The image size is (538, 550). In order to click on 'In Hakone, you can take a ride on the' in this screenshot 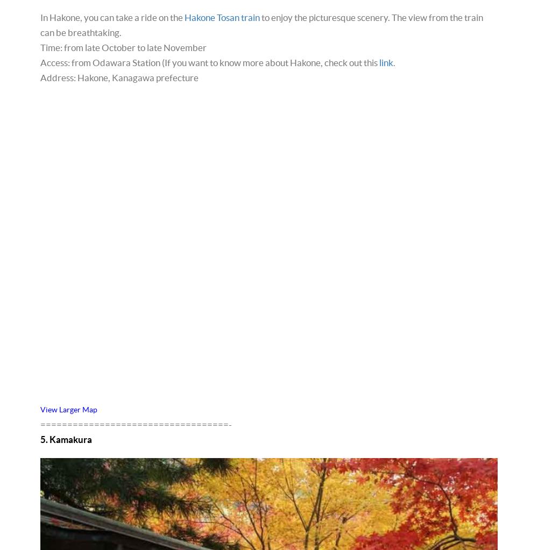, I will do `click(112, 17)`.